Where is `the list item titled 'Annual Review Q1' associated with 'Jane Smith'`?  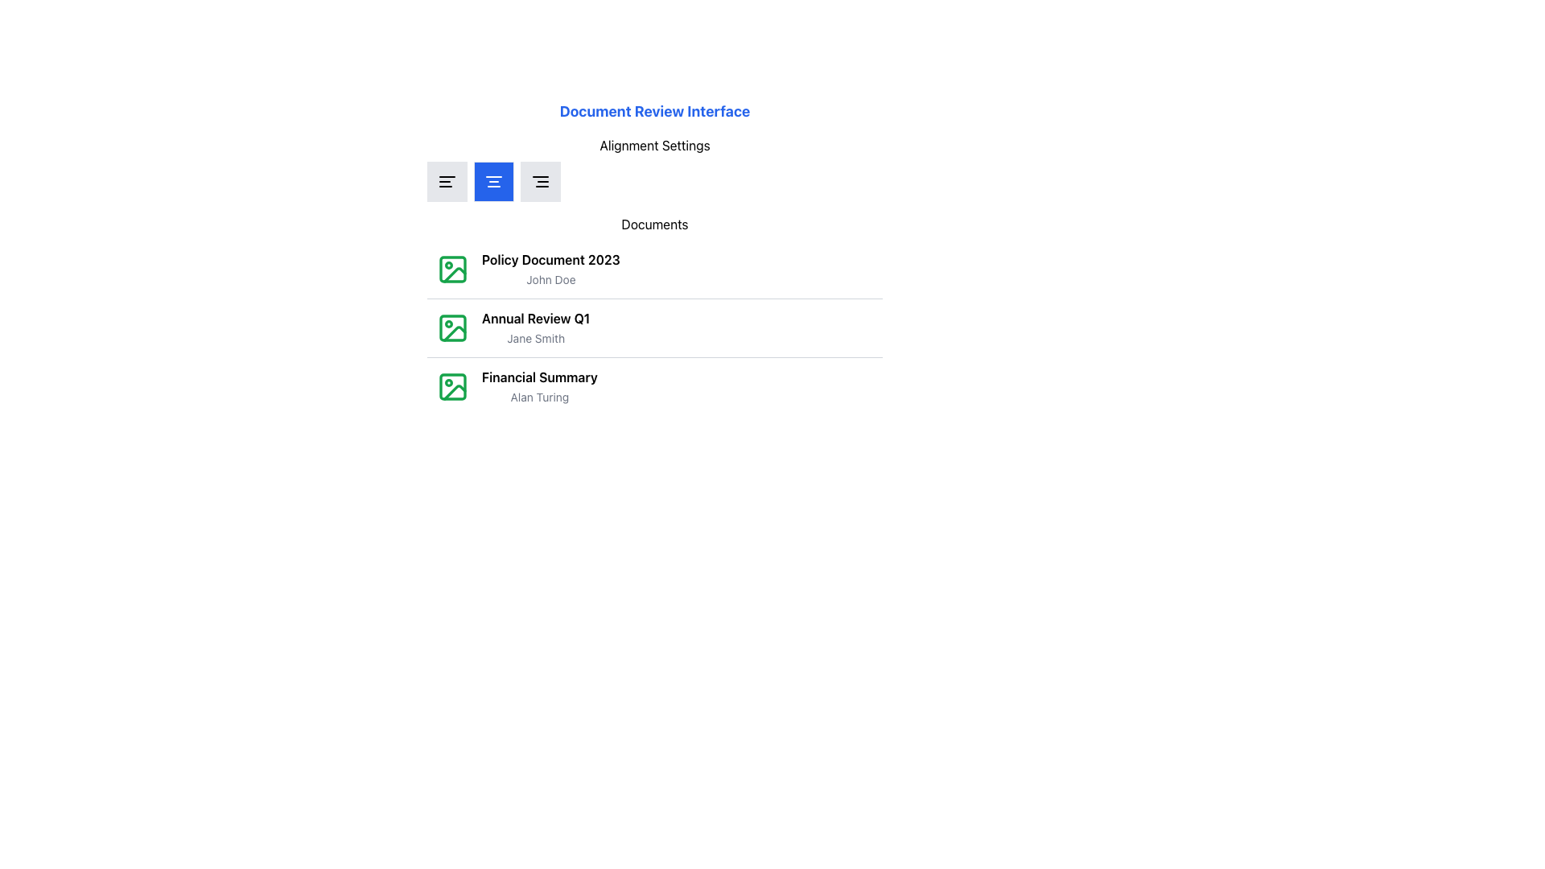
the list item titled 'Annual Review Q1' associated with 'Jane Smith' is located at coordinates (655, 315).